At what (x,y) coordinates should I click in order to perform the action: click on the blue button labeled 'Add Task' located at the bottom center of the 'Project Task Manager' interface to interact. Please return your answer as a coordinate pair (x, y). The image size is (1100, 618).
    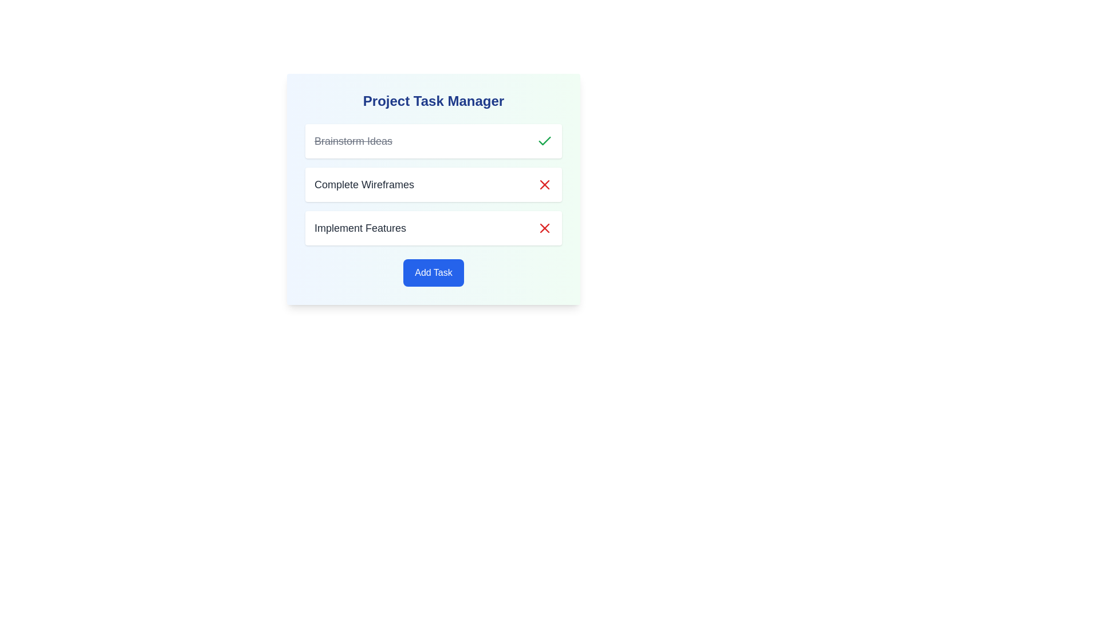
    Looking at the image, I should click on (433, 273).